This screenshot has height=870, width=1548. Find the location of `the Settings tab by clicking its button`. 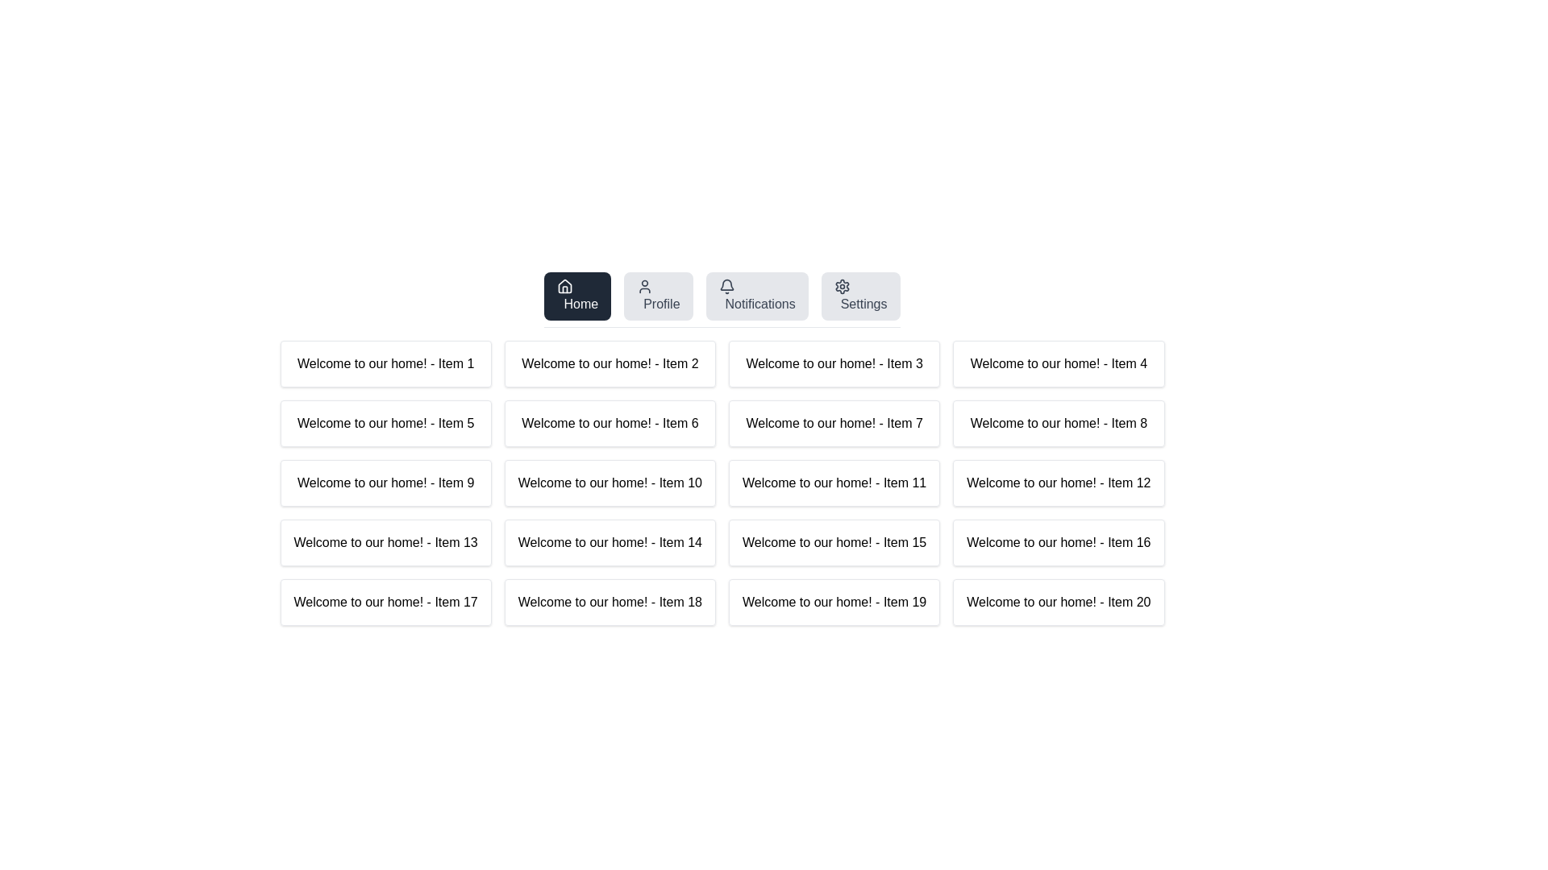

the Settings tab by clicking its button is located at coordinates (859, 296).